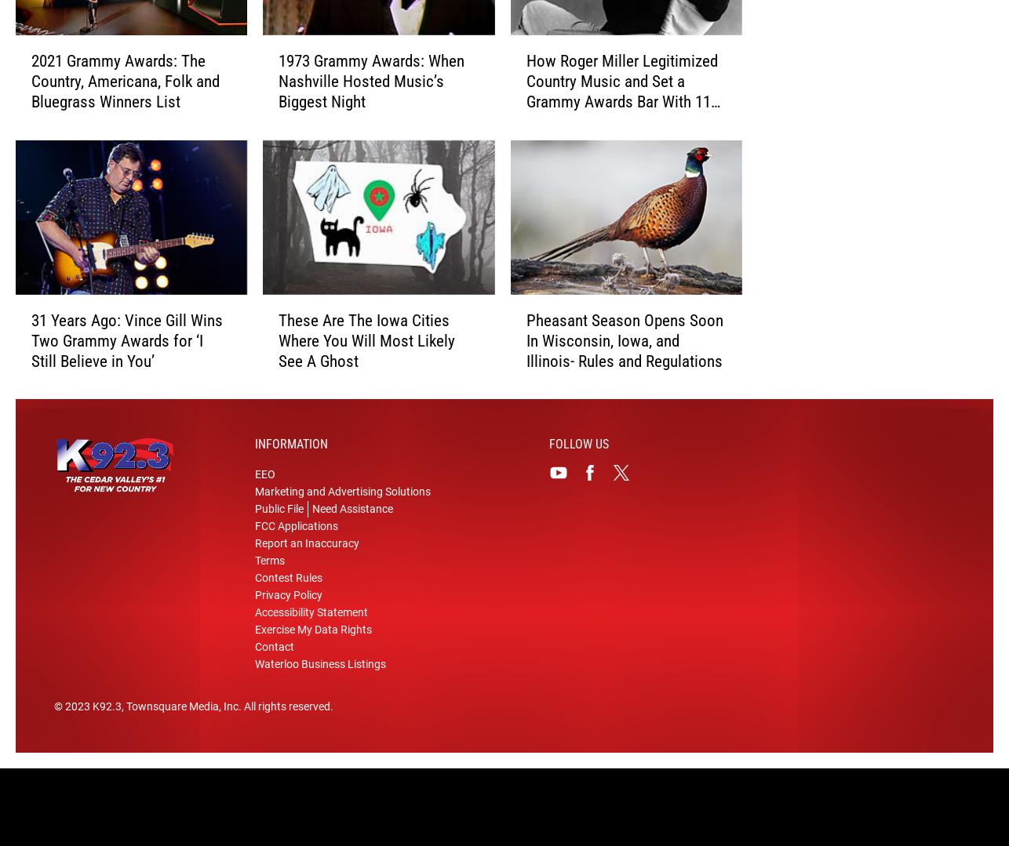 The width and height of the screenshot is (1009, 846). I want to click on 'How Roger Miller Legitimized Country Music and Set a Grammy Awards Bar With 11 Wins in Two Years', so click(621, 115).